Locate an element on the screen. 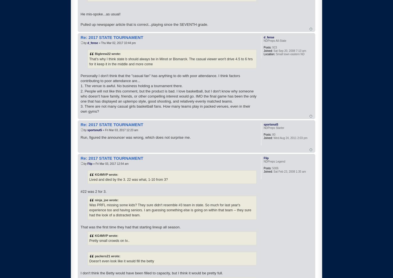  'I don't think the Betty would have been filled to capacity, but I think it would be pretty full.' is located at coordinates (152, 273).